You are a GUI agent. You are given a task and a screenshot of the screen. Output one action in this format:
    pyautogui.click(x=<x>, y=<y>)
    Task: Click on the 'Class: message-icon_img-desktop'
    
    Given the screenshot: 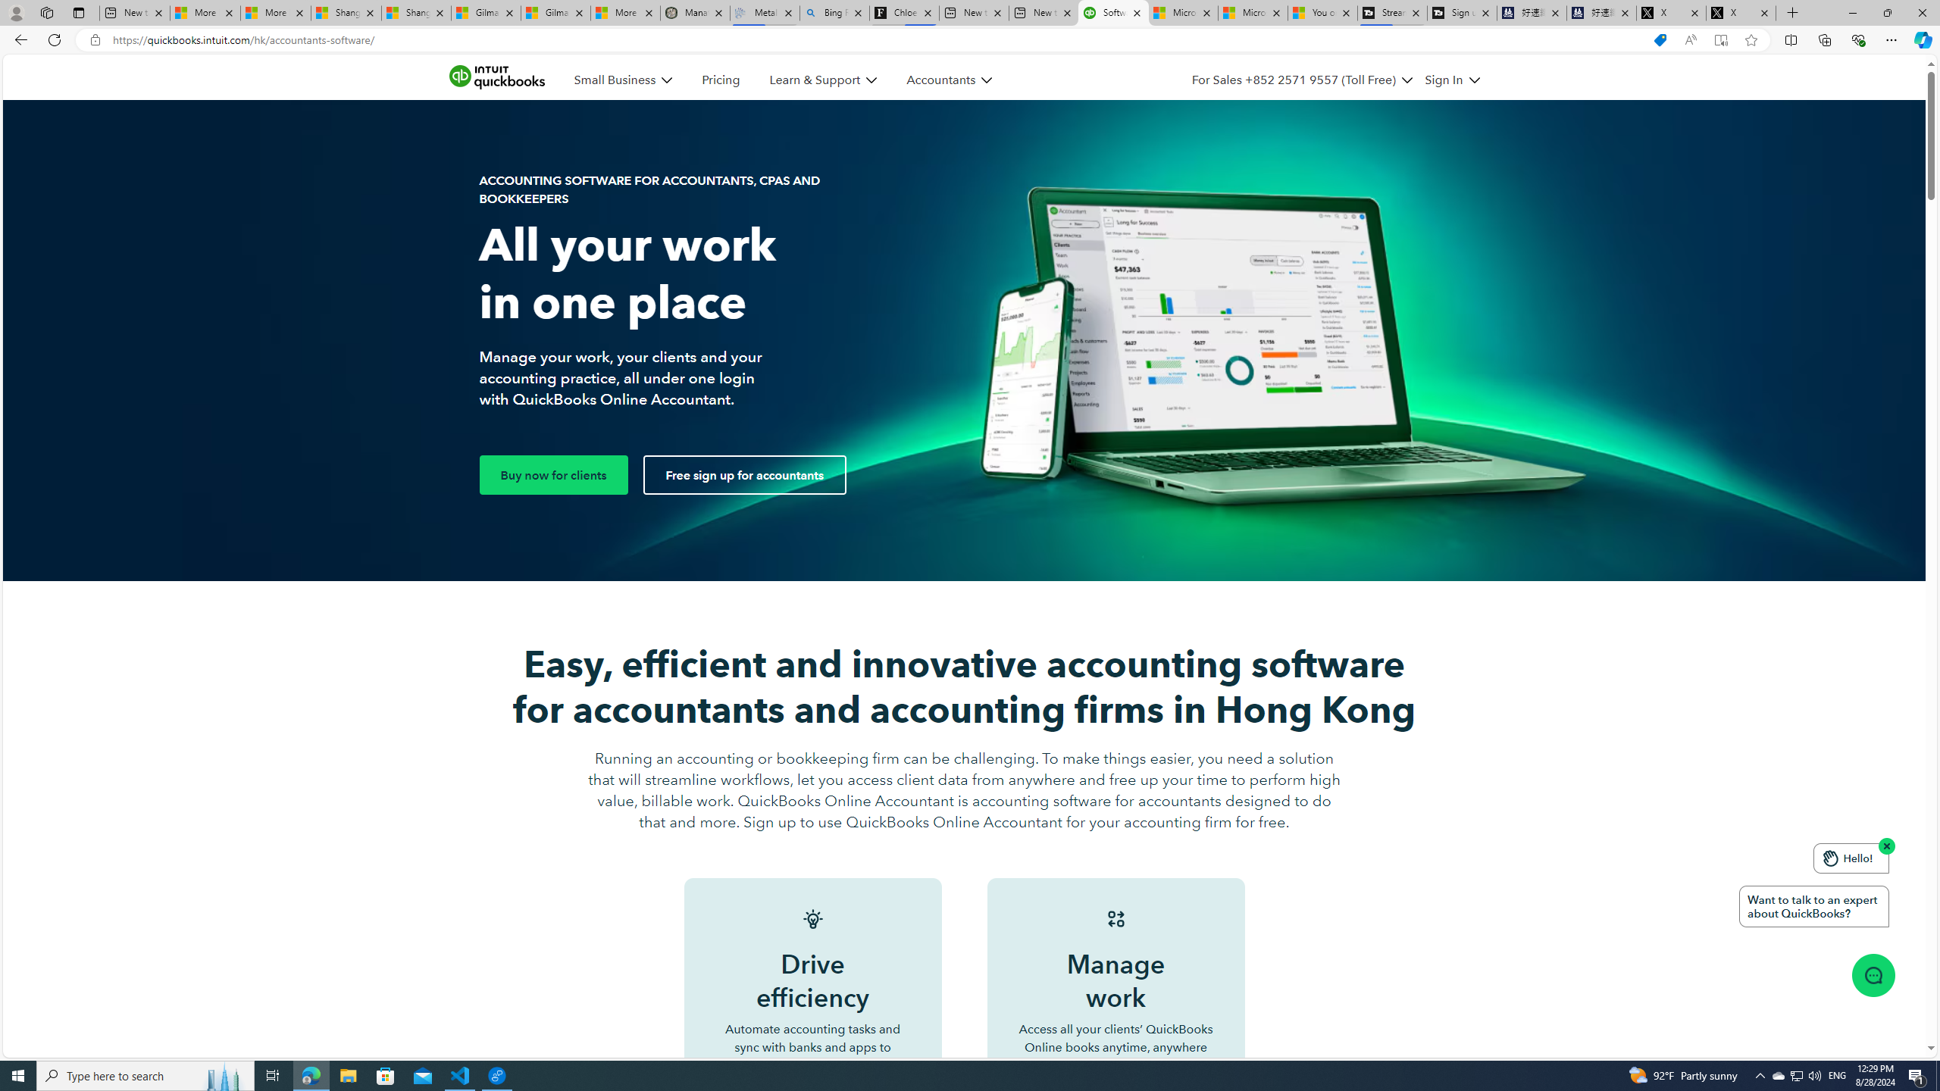 What is the action you would take?
    pyautogui.click(x=1872, y=974)
    